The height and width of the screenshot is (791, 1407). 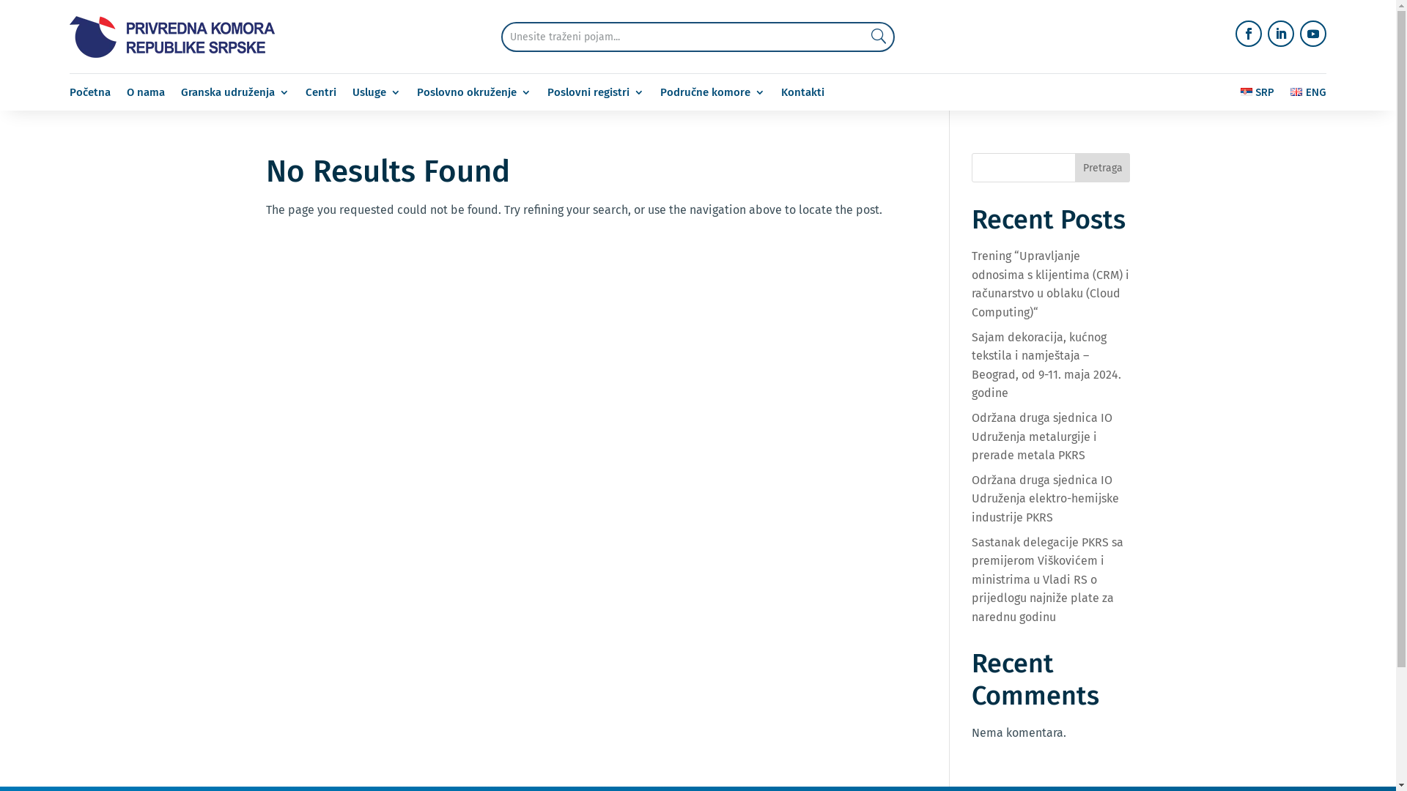 What do you see at coordinates (1103, 166) in the screenshot?
I see `'Pretraga'` at bounding box center [1103, 166].